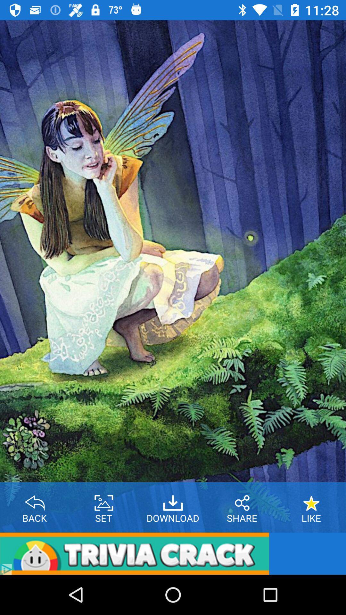 The image size is (346, 615). Describe the element at coordinates (242, 500) in the screenshot. I see `share photo` at that location.